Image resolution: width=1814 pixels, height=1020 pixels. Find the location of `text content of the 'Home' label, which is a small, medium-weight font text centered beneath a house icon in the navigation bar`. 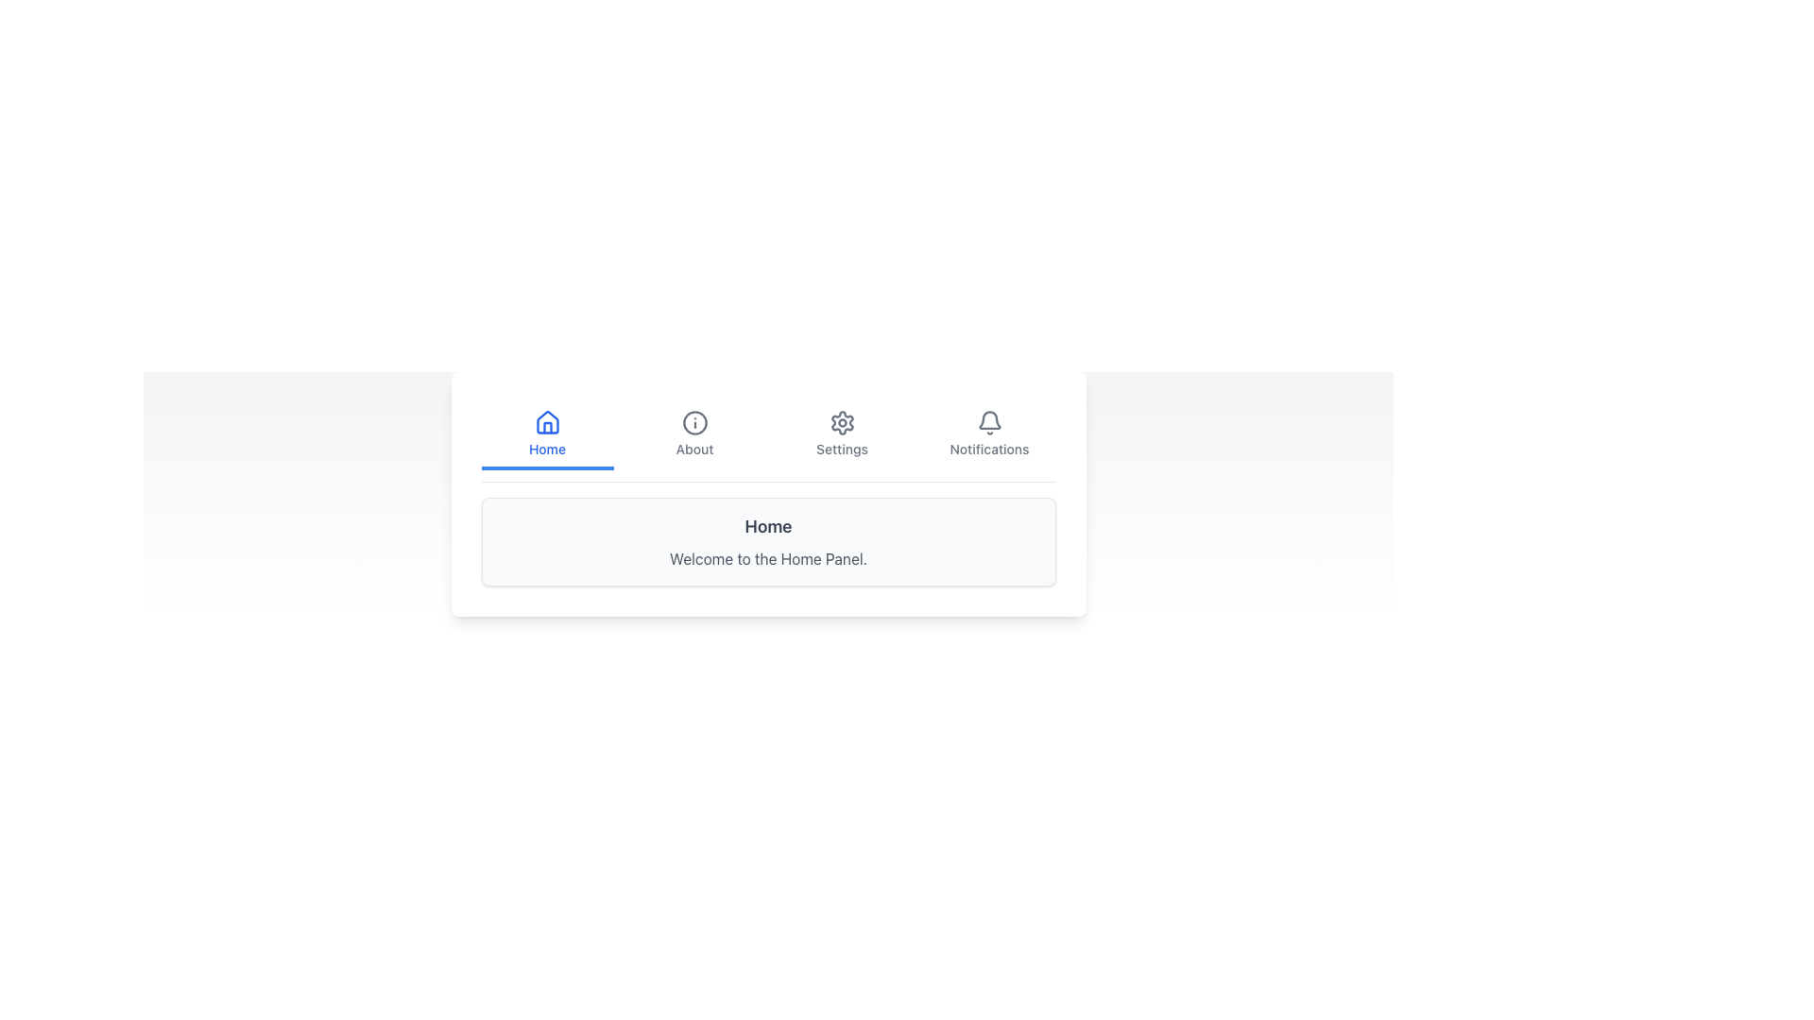

text content of the 'Home' label, which is a small, medium-weight font text centered beneath a house icon in the navigation bar is located at coordinates (546, 449).